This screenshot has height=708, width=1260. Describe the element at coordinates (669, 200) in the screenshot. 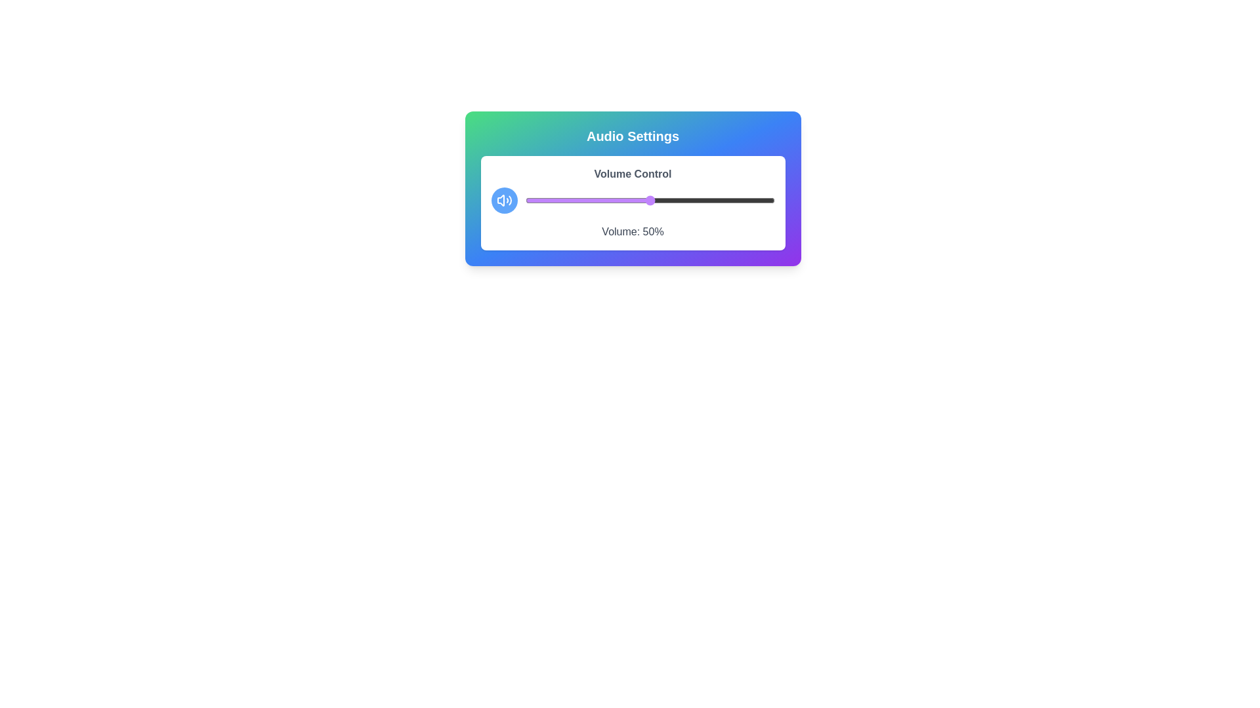

I see `volume` at that location.